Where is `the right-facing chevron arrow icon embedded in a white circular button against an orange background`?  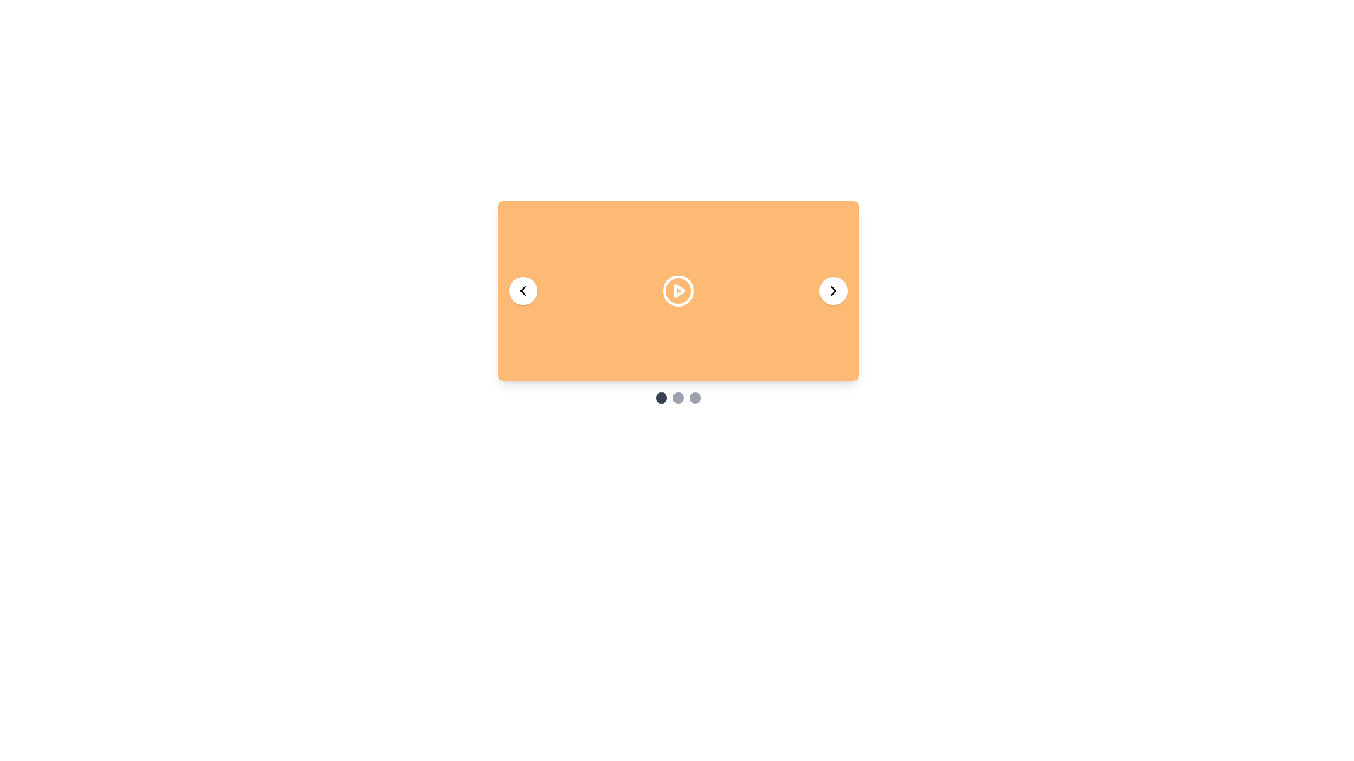 the right-facing chevron arrow icon embedded in a white circular button against an orange background is located at coordinates (833, 290).